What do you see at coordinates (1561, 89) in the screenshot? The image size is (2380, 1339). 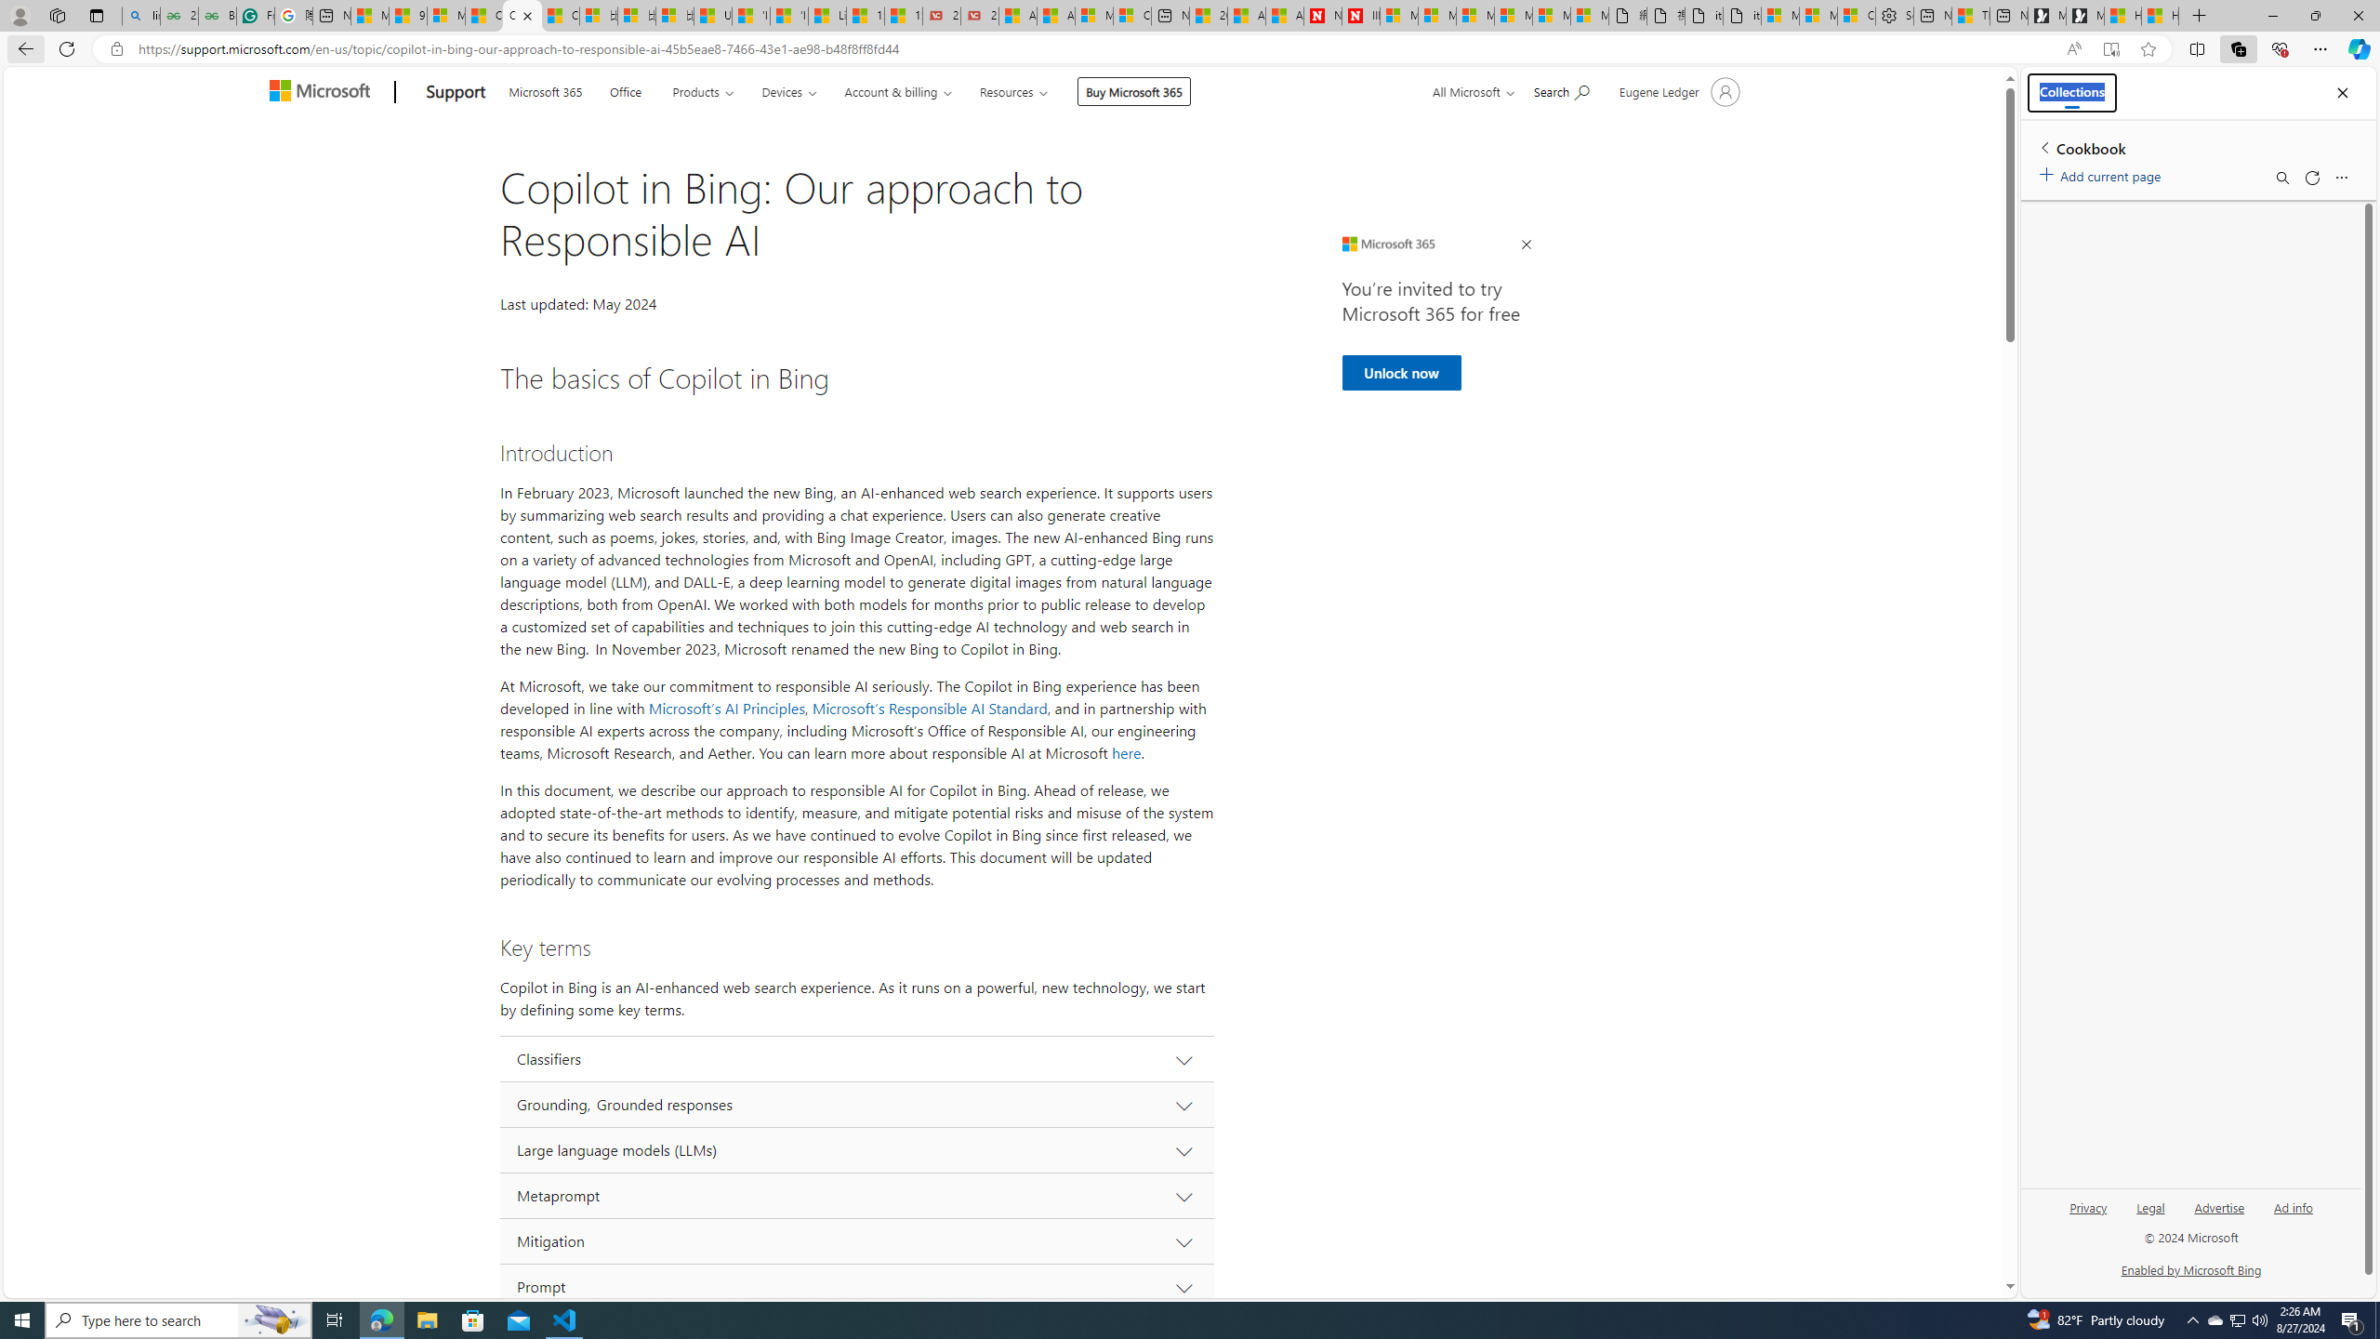 I see `'Search for help'` at bounding box center [1561, 89].